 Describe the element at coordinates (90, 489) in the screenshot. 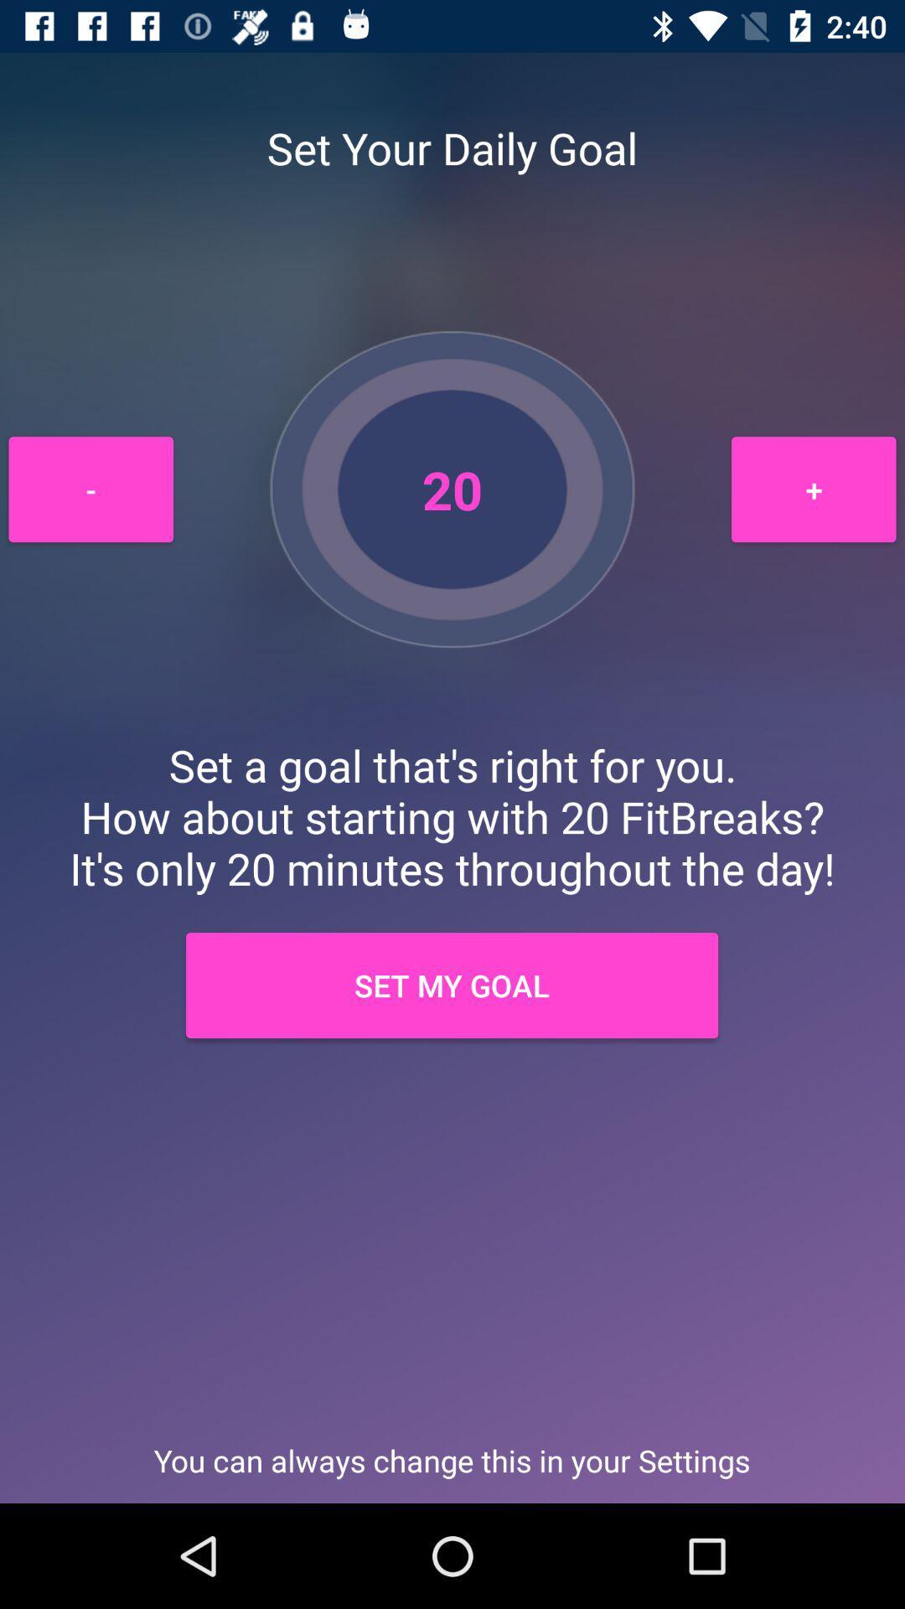

I see `item to the left of the 20 icon` at that location.